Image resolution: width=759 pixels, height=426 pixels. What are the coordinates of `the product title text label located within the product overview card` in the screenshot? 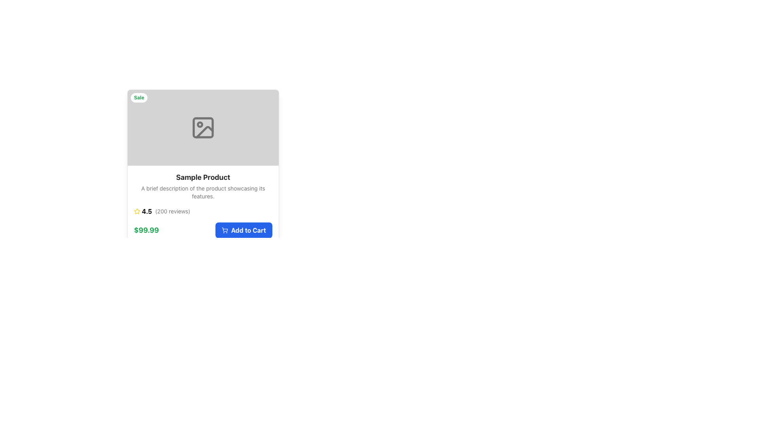 It's located at (203, 177).